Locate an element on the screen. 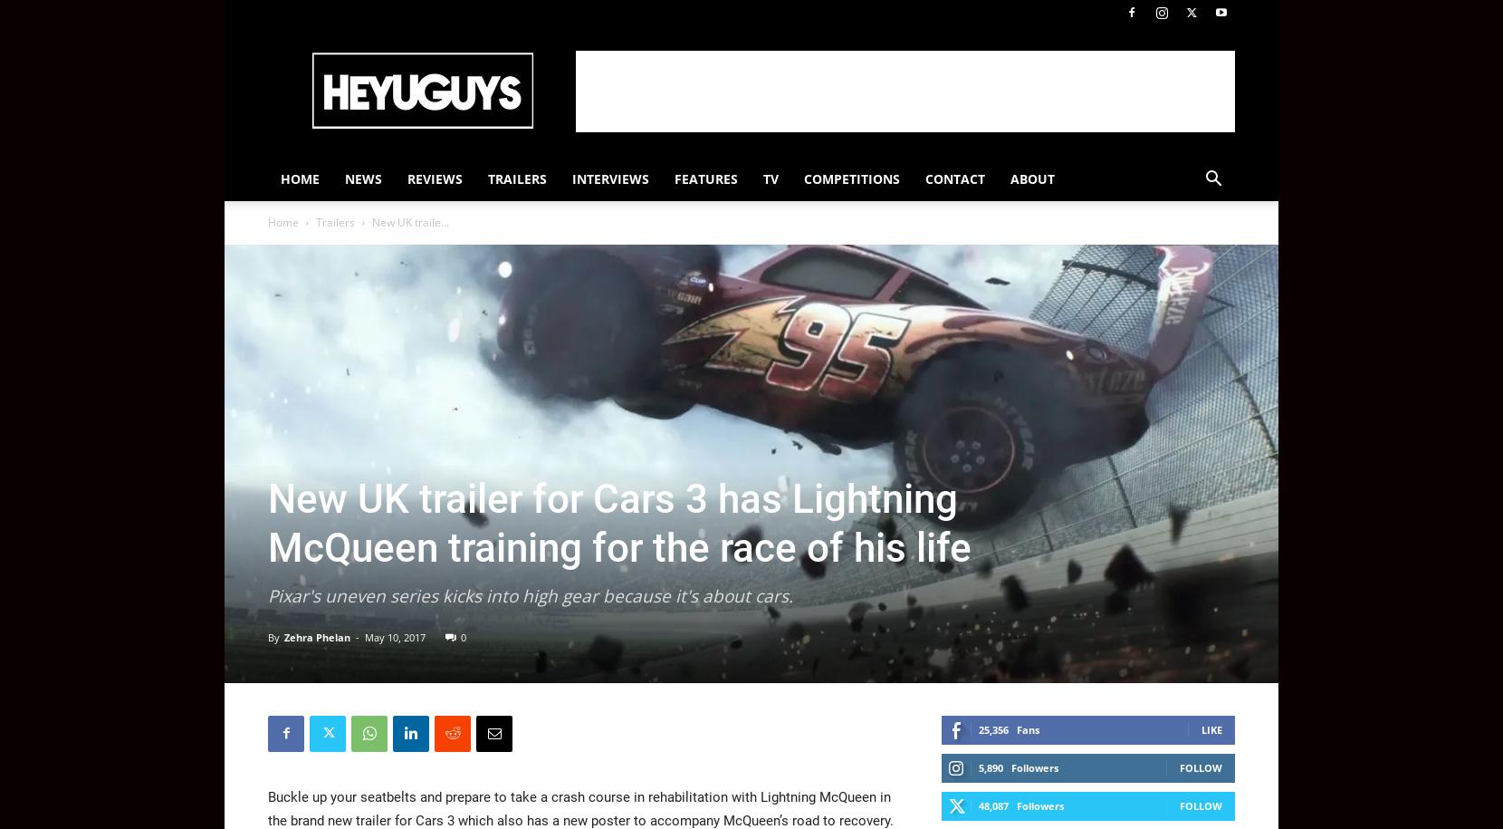 The width and height of the screenshot is (1503, 829). '5,890' is located at coordinates (990, 766).